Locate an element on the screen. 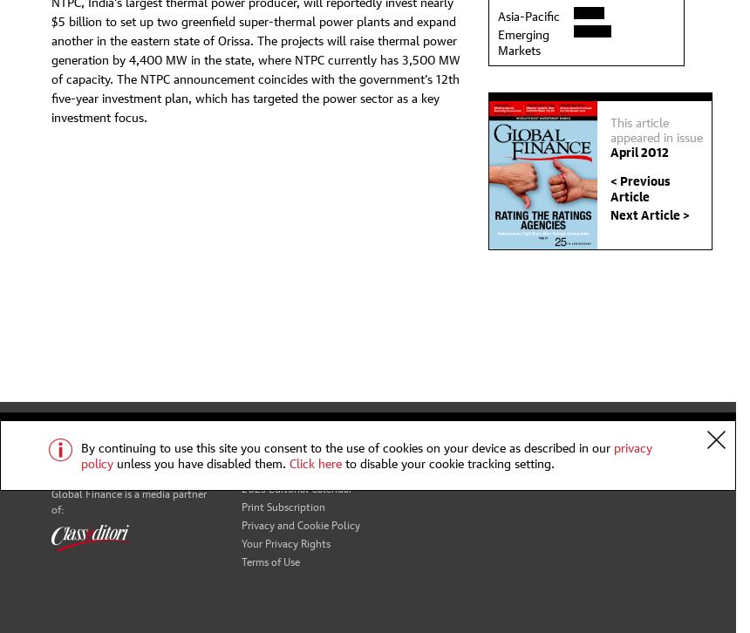 The width and height of the screenshot is (750, 633). 'Asia-Pacific' is located at coordinates (497, 13).